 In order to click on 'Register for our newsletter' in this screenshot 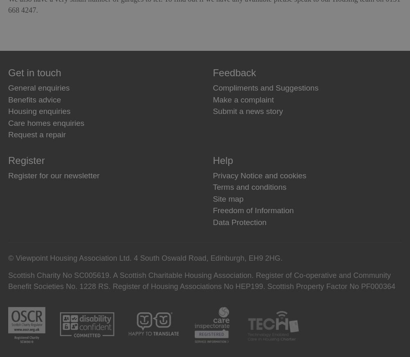, I will do `click(54, 175)`.